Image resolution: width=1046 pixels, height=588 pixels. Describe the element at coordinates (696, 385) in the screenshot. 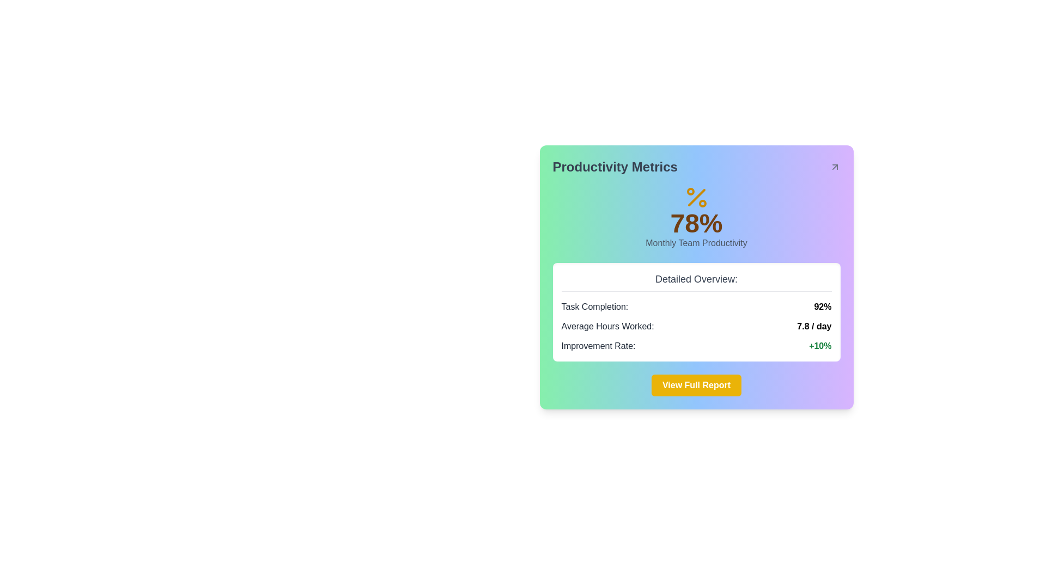

I see `the button located at the bottom of the 'Productivity Metrics' card` at that location.